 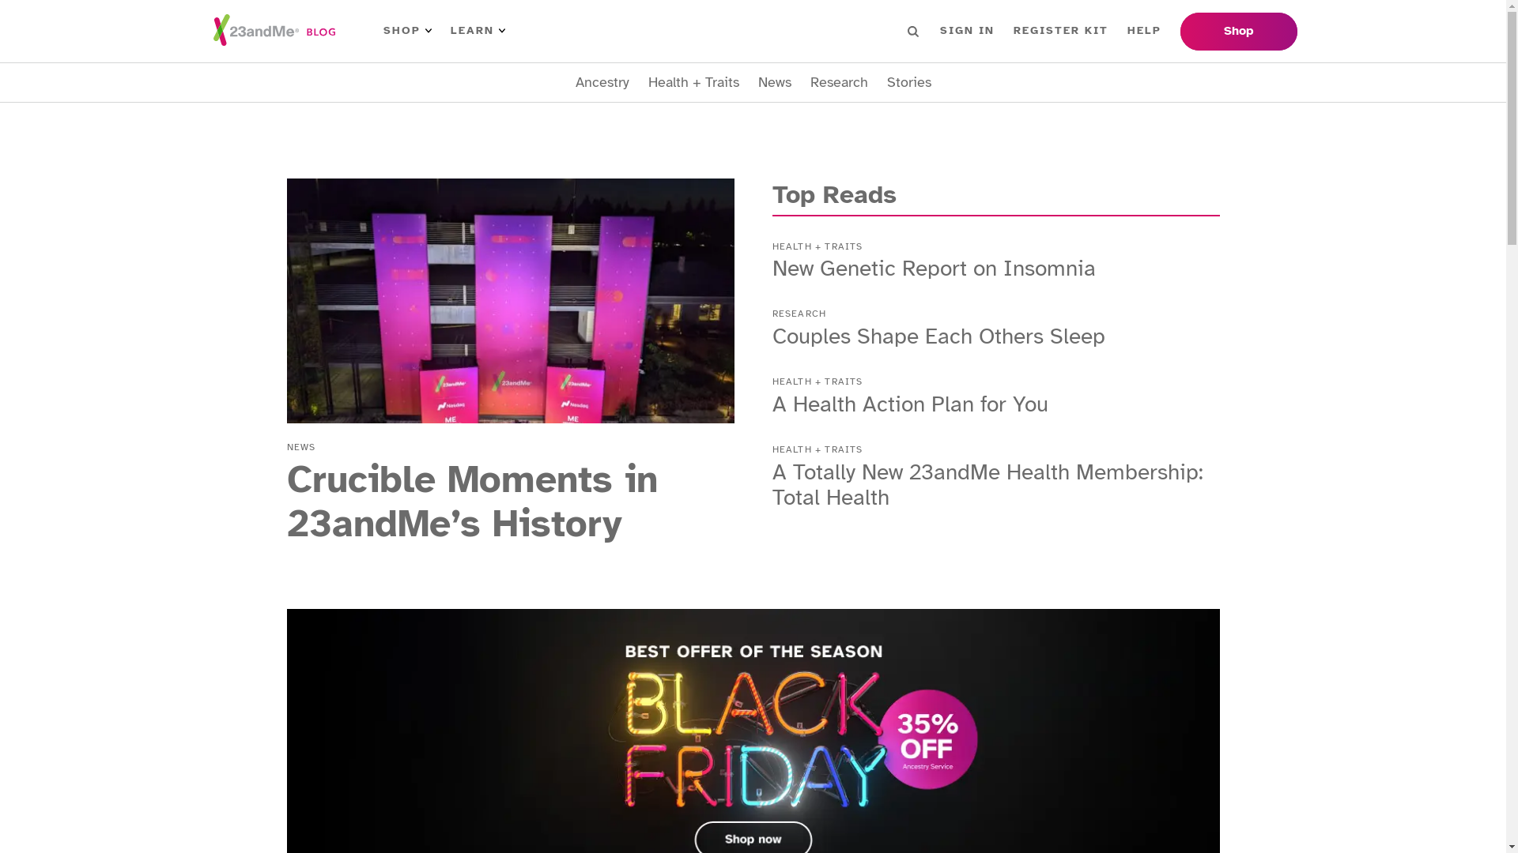 What do you see at coordinates (909, 403) in the screenshot?
I see `'A Health Action Plan for You'` at bounding box center [909, 403].